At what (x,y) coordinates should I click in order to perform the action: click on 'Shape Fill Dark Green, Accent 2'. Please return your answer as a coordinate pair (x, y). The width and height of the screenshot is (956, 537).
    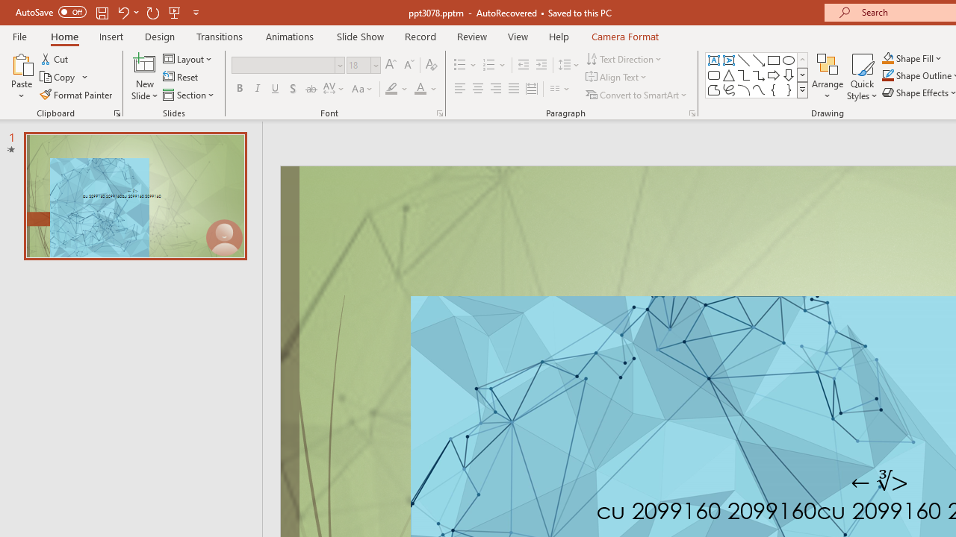
    Looking at the image, I should click on (888, 57).